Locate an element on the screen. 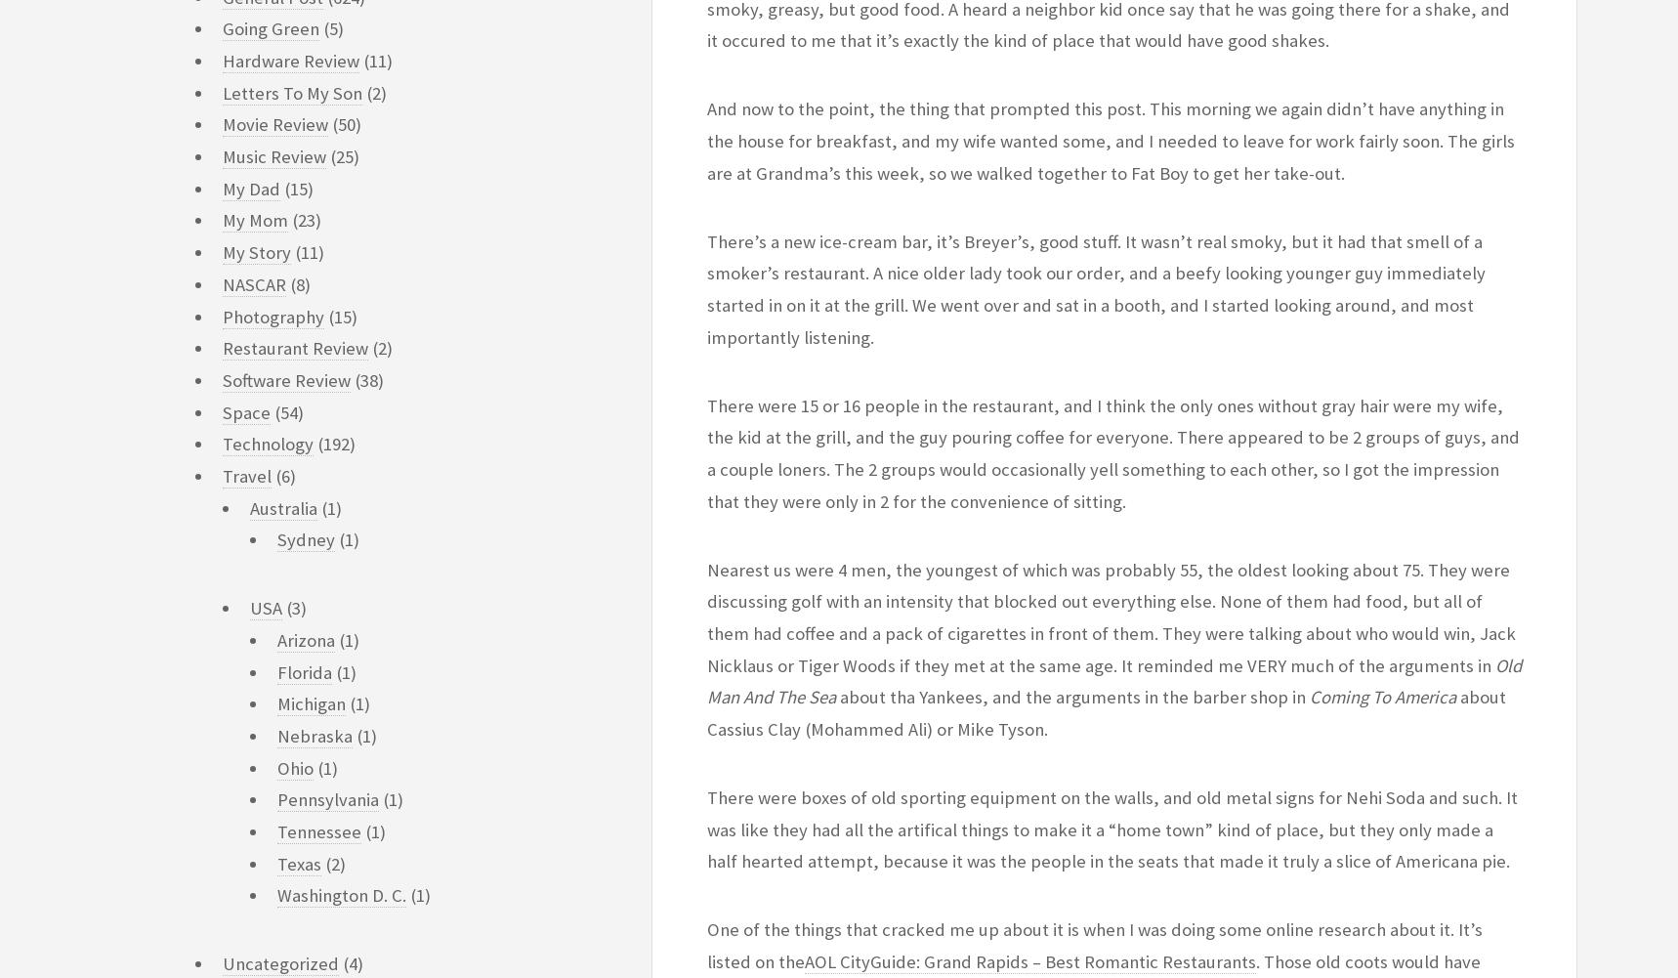  '(5)' is located at coordinates (318, 28).